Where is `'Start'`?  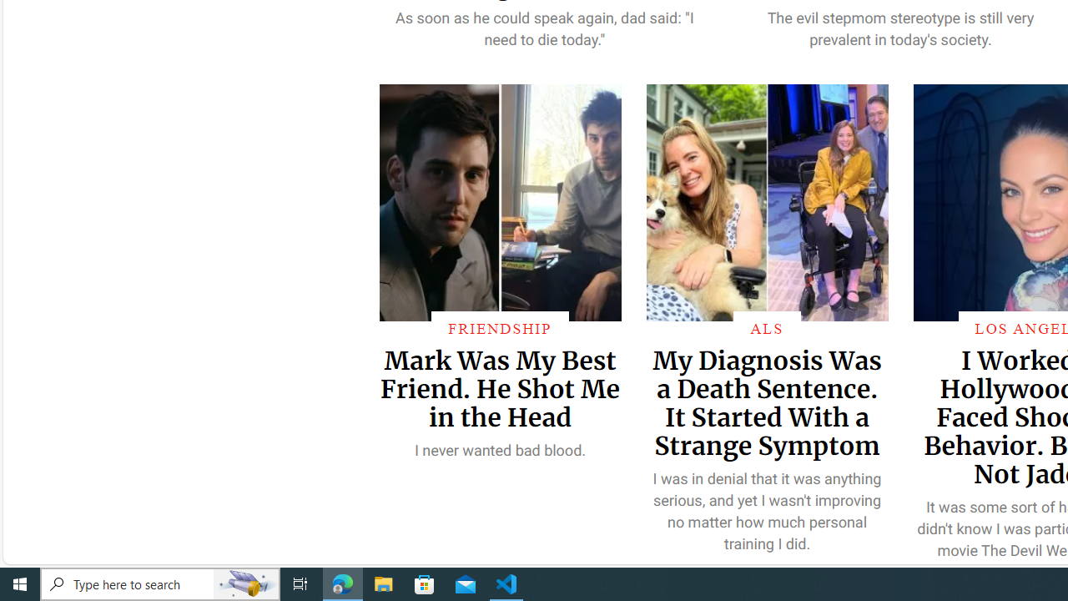 'Start' is located at coordinates (20, 583).